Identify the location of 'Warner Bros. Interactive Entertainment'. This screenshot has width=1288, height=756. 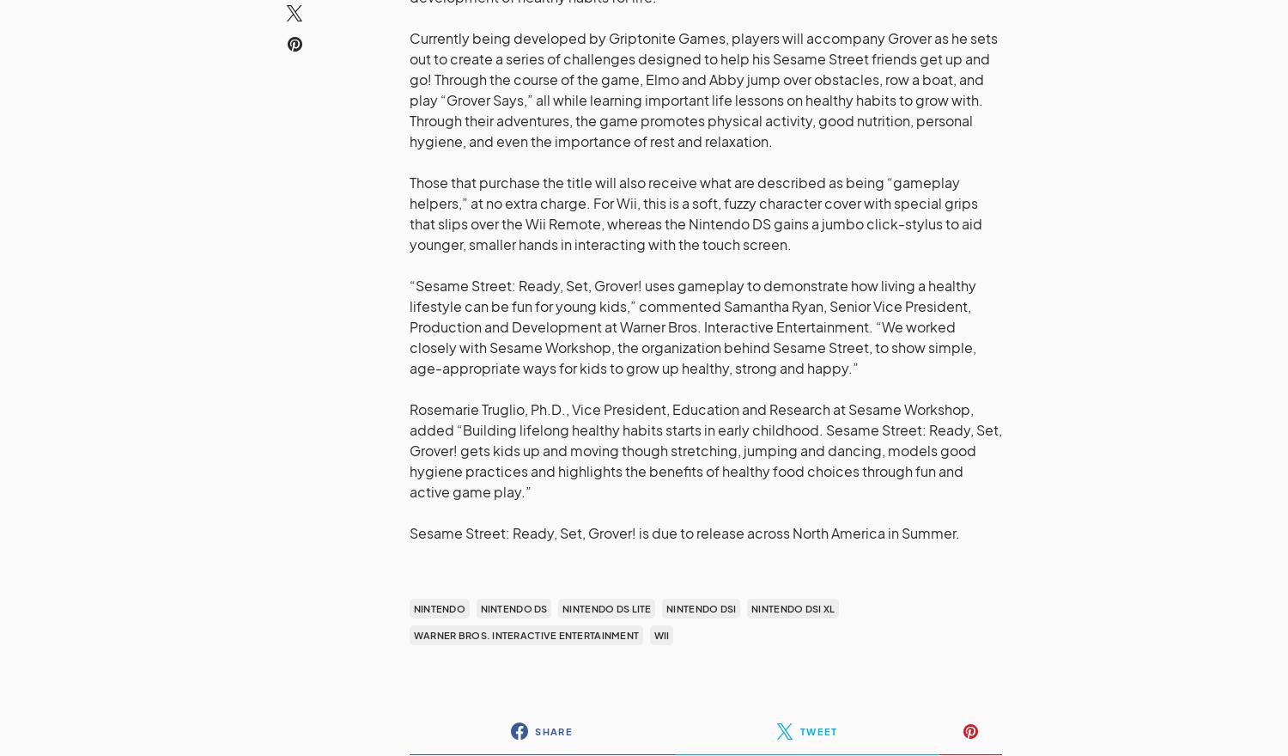
(525, 634).